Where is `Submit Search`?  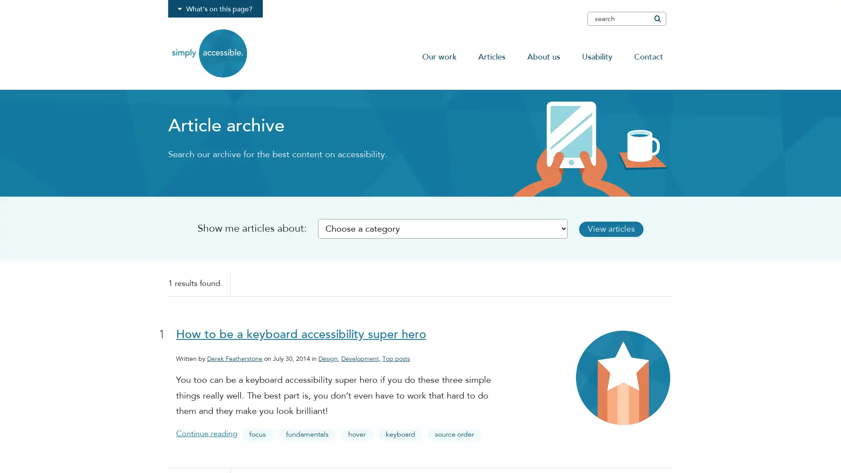 Submit Search is located at coordinates (657, 18).